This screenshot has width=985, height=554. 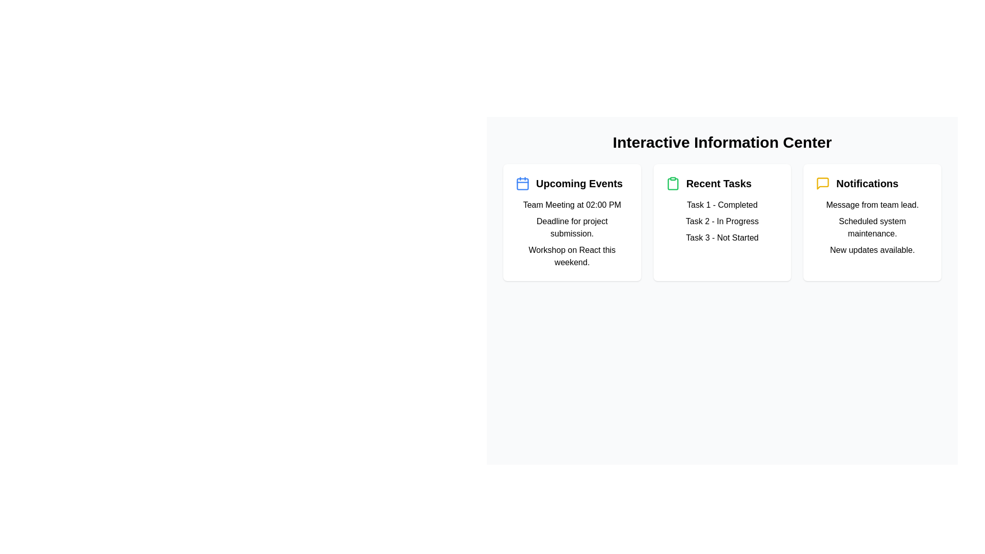 What do you see at coordinates (572, 256) in the screenshot?
I see `the static text displaying 'Workshop on React this weekend.' located in the 'Upcoming Events' section, which is the third line of text below 'Team Meeting at 02:00 PM' and 'Deadline for project submission.'` at bounding box center [572, 256].